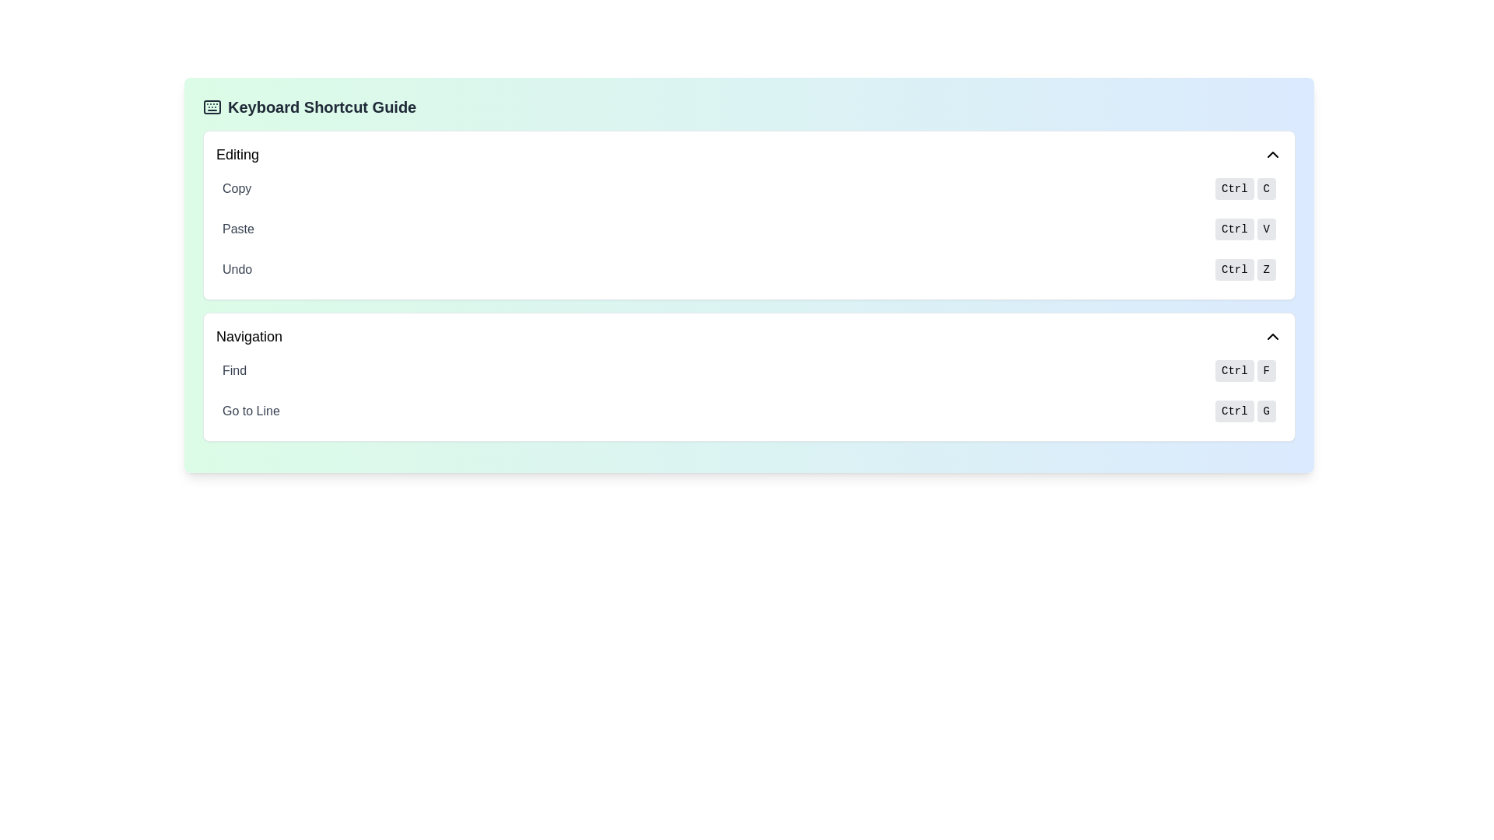  I want to click on the 'Ctrl' key text label in the Navigation section of the keyboard shortcut guide, which is styled distinctly and serves as a static indicator for keyboard actions, so click(1233, 410).